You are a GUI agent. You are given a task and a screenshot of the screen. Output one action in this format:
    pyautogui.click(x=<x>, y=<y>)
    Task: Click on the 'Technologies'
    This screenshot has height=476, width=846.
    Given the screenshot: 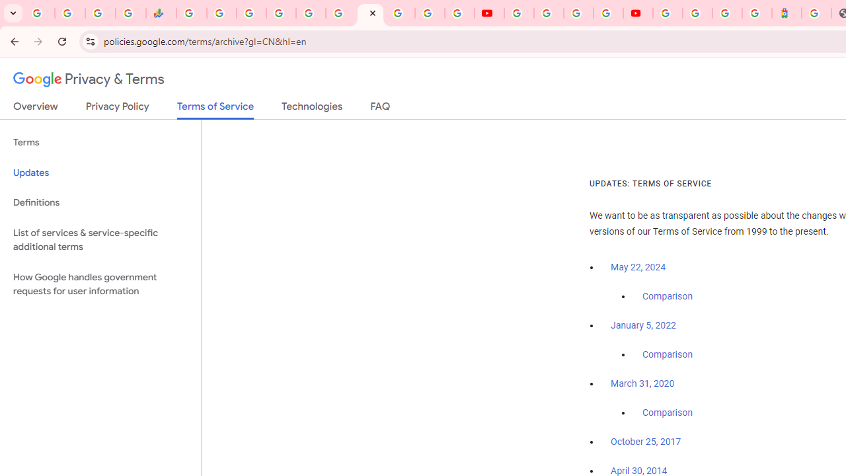 What is the action you would take?
    pyautogui.click(x=311, y=108)
    